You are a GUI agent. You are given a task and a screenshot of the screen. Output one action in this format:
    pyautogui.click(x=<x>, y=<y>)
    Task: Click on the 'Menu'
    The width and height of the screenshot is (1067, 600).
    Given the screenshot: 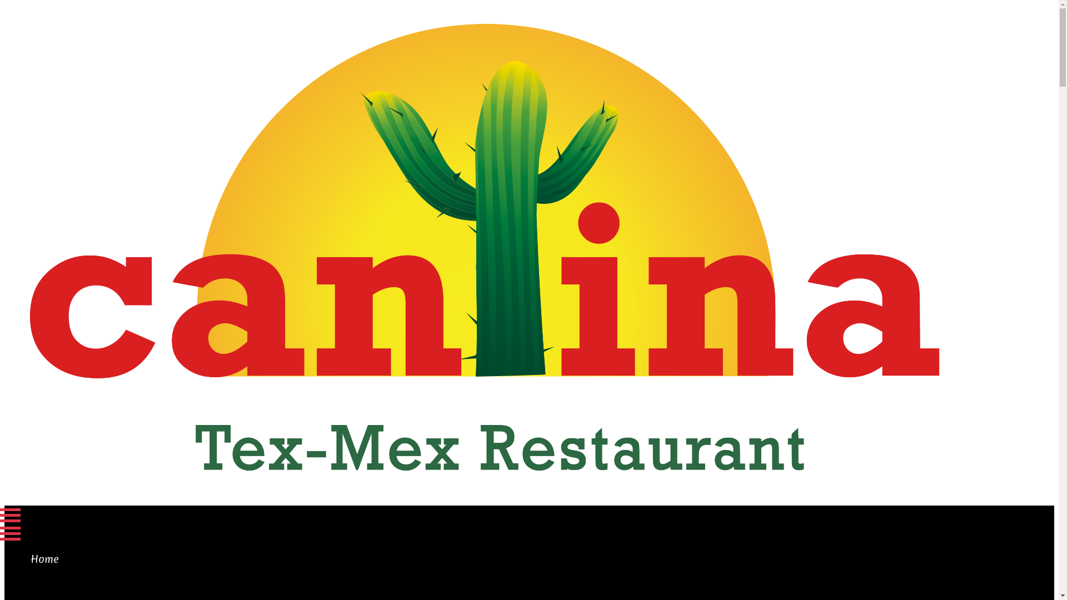 What is the action you would take?
    pyautogui.click(x=51, y=515)
    